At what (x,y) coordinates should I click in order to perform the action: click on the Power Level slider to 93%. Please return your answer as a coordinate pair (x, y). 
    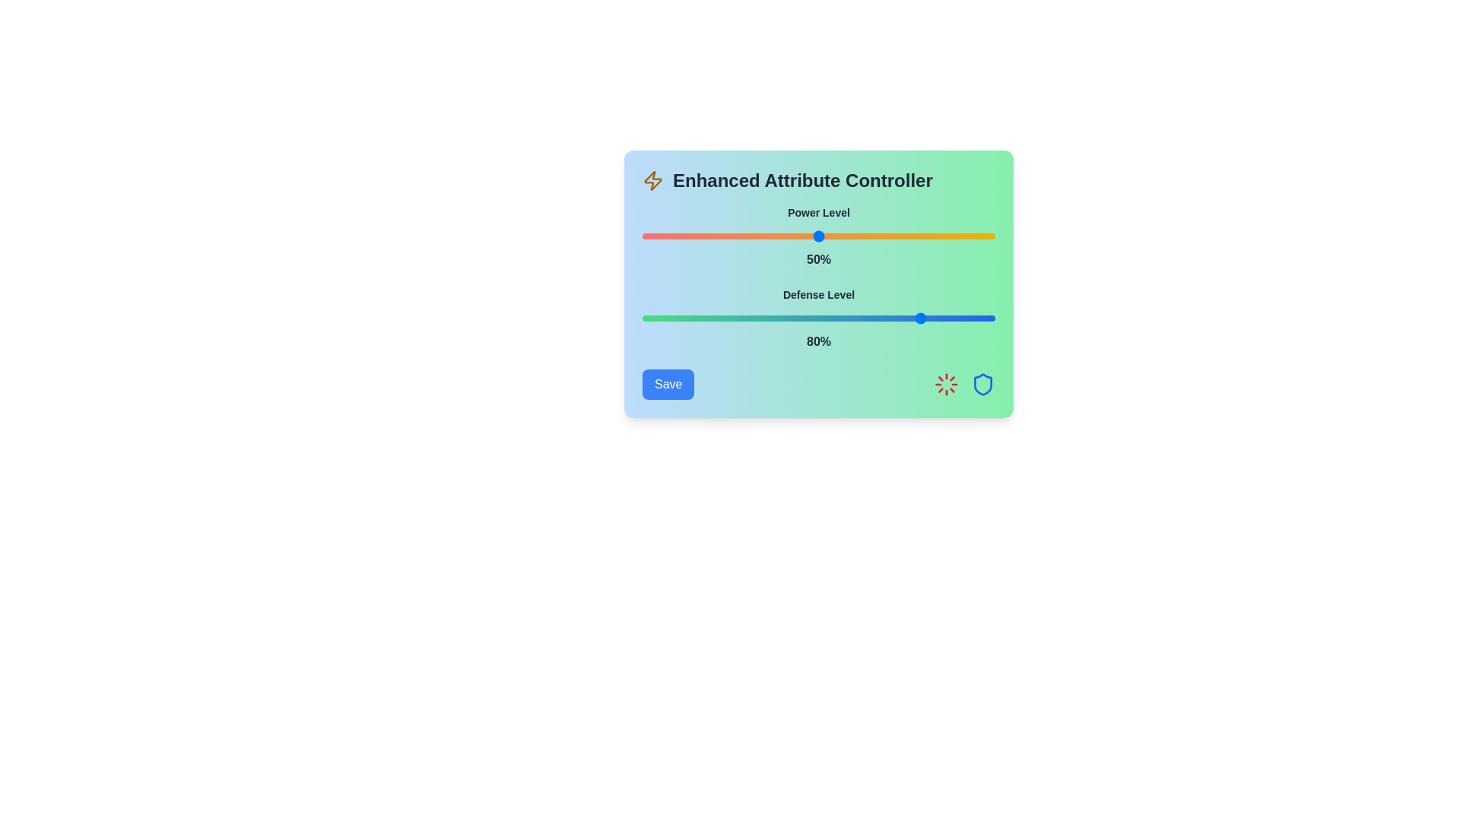
    Looking at the image, I should click on (970, 236).